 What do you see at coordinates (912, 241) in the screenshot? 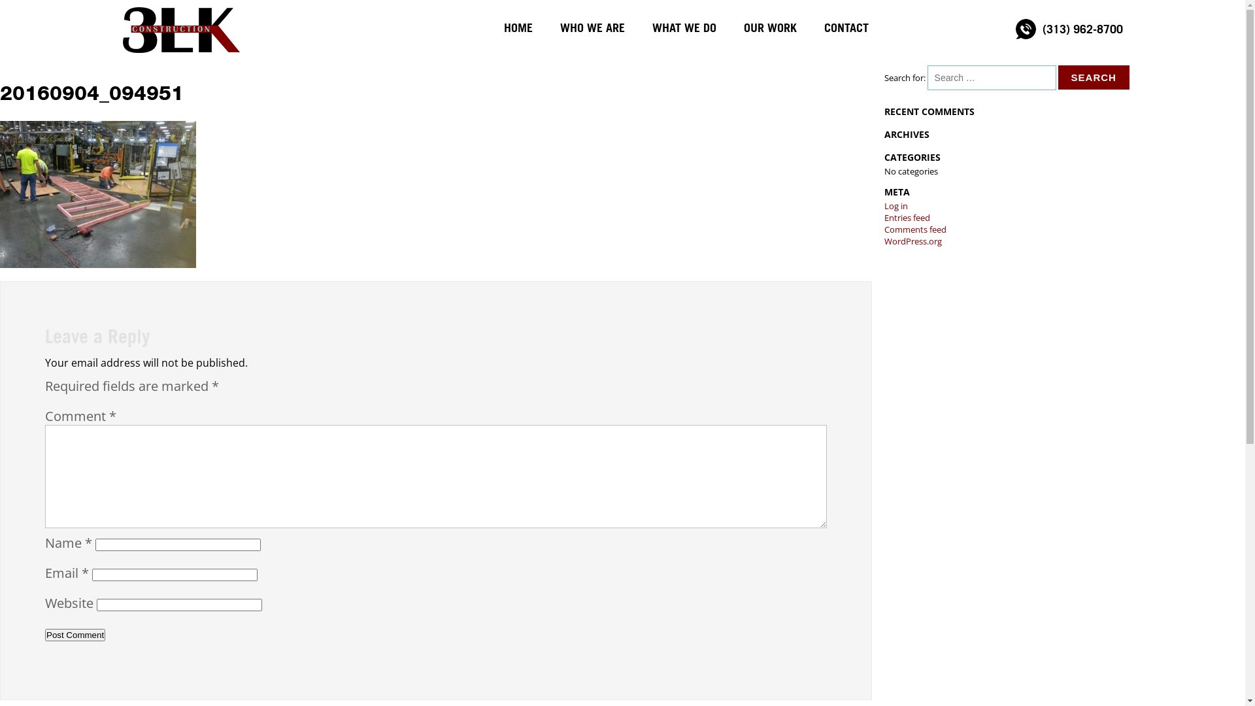
I see `'WordPress.org'` at bounding box center [912, 241].